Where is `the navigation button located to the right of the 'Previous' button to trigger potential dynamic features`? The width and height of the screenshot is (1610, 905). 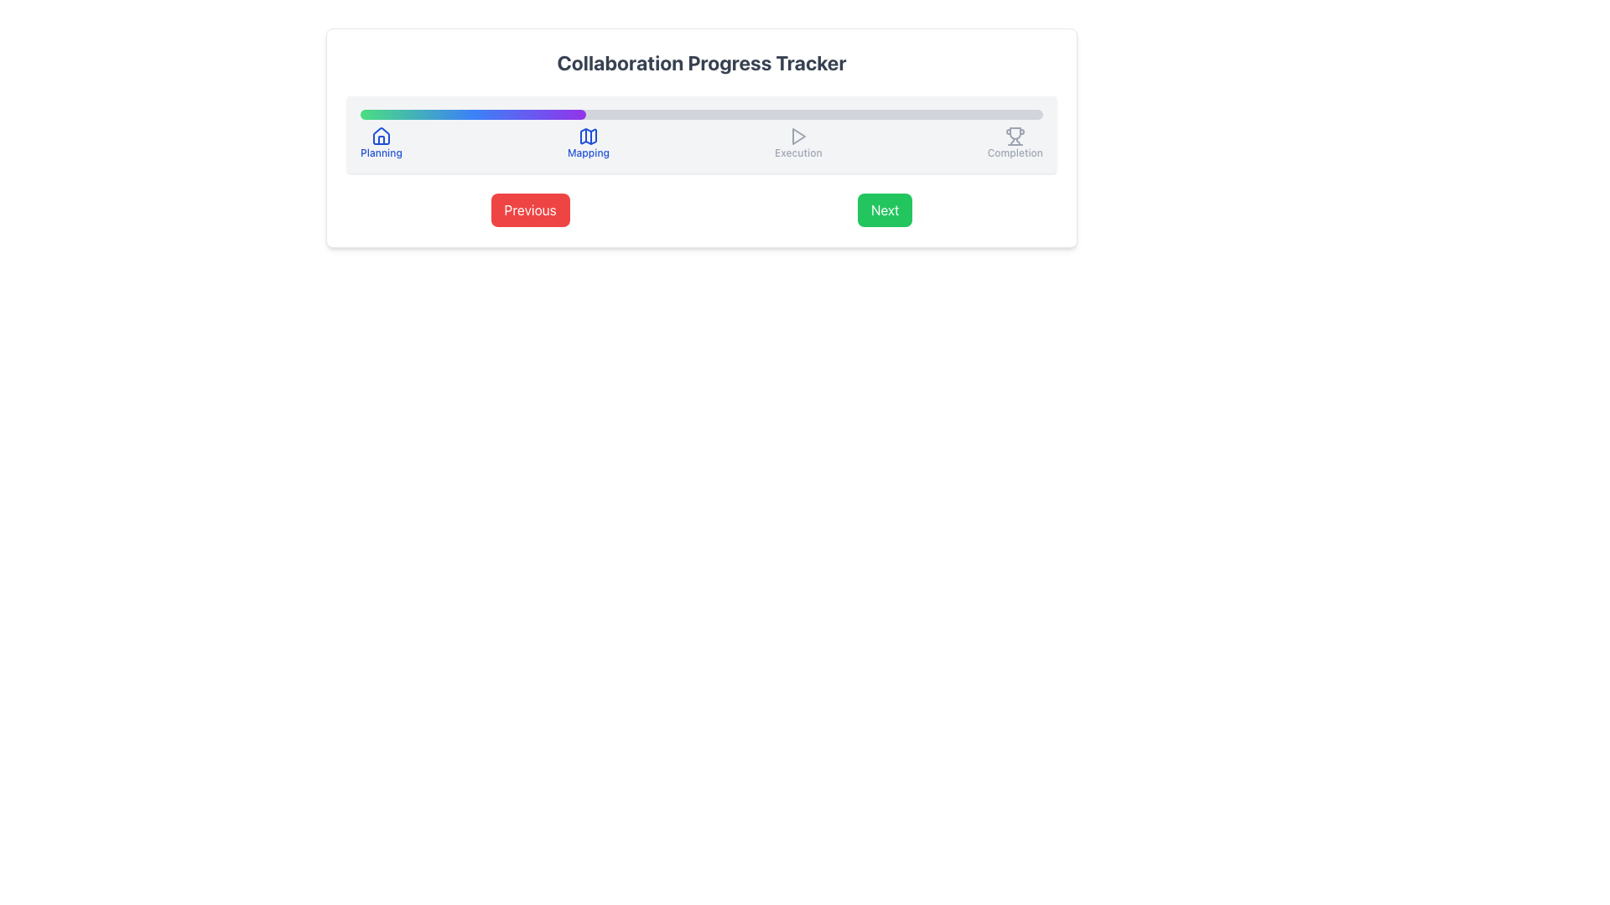
the navigation button located to the right of the 'Previous' button to trigger potential dynamic features is located at coordinates (884, 209).